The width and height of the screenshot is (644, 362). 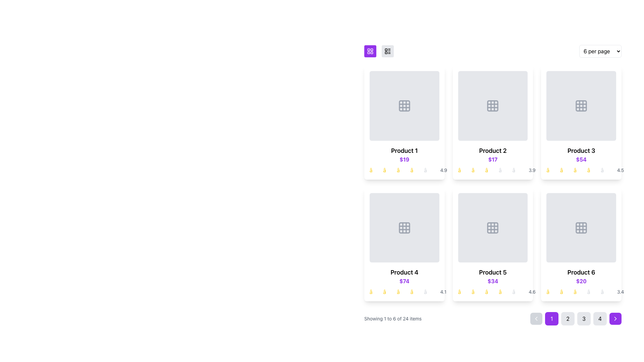 What do you see at coordinates (581, 170) in the screenshot?
I see `the associated product information by interacting with the Rating Display for Product 3, which is located beneath the price '$54' in the product grid layout` at bounding box center [581, 170].